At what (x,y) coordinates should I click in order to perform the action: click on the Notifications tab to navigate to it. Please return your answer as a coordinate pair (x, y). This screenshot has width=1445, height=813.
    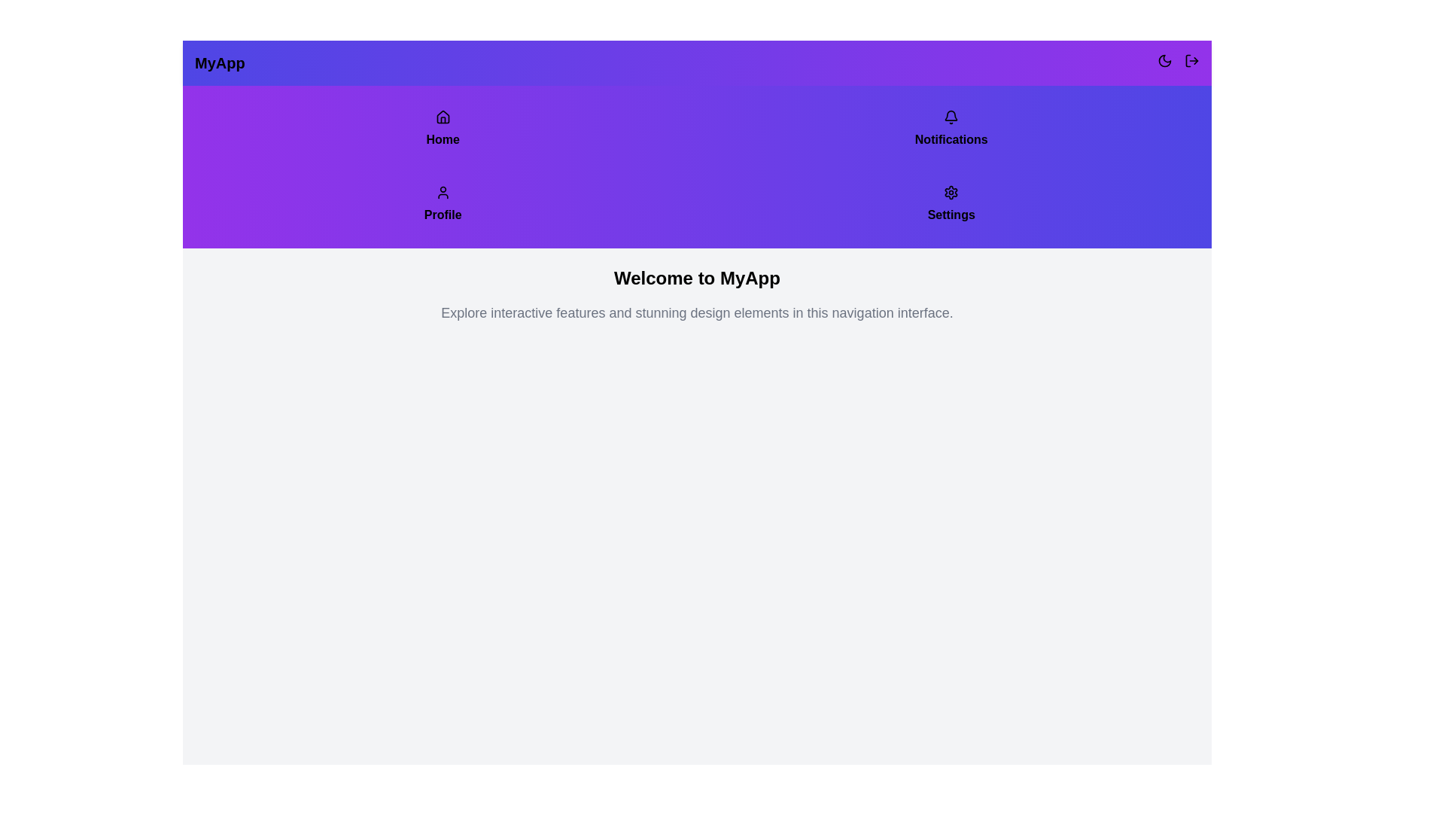
    Looking at the image, I should click on (950, 129).